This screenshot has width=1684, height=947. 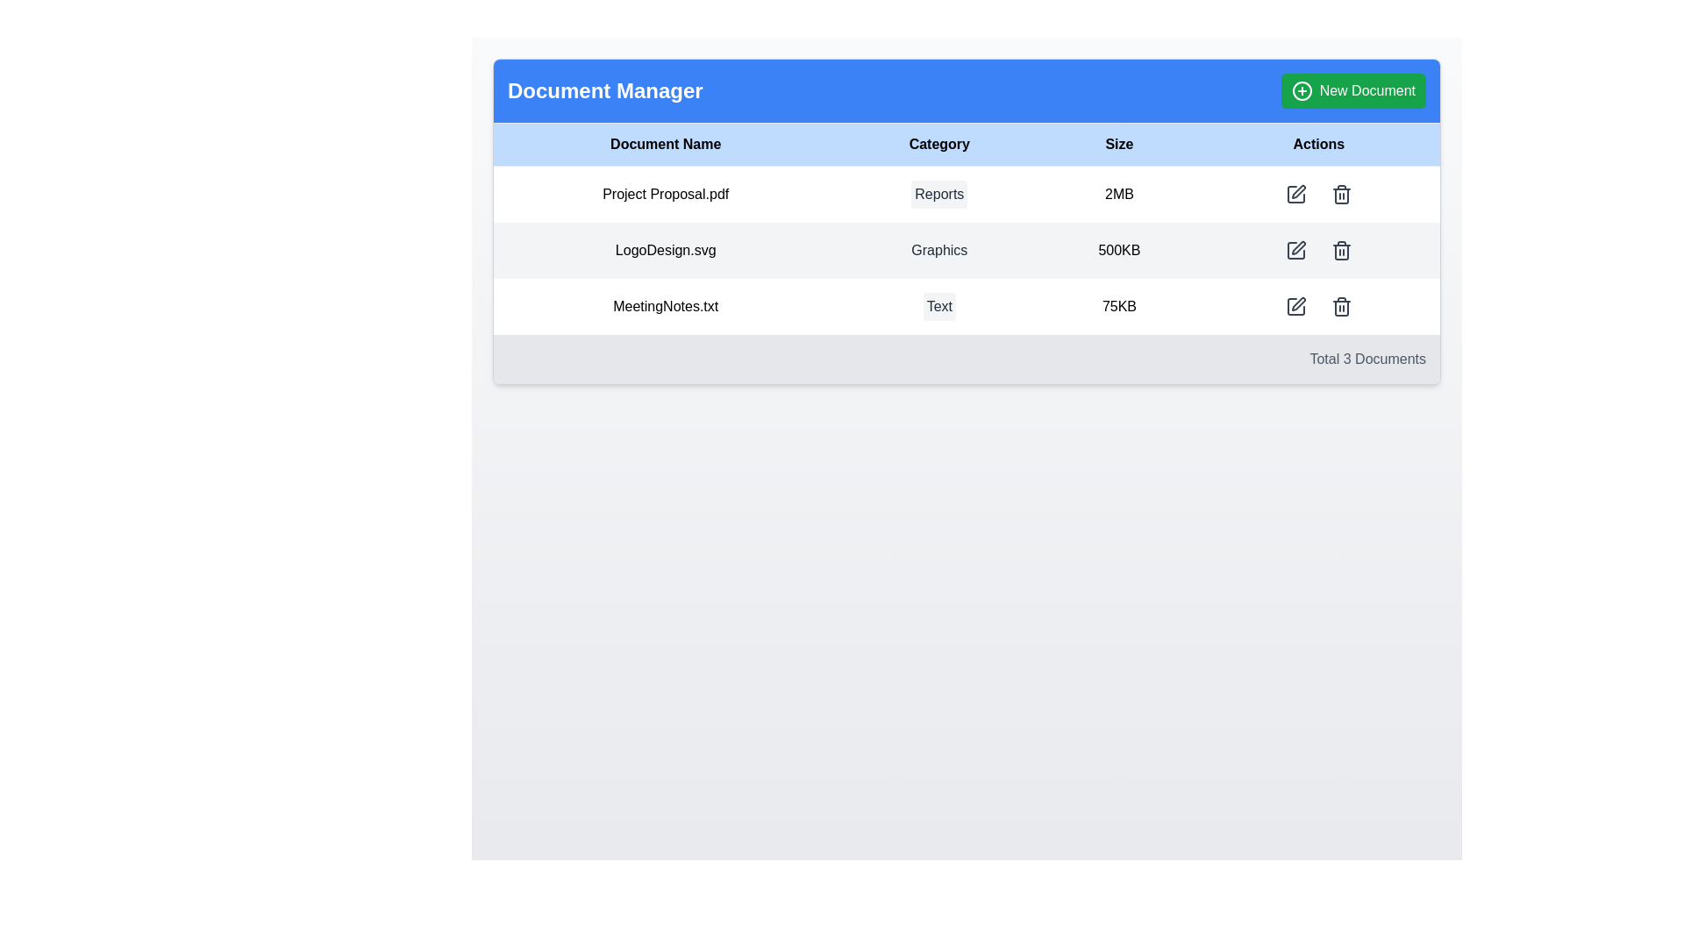 What do you see at coordinates (1318, 250) in the screenshot?
I see `the Control Panel containing the edit and trash icons for the file named 'LogoDesign.svg' in the Actions column of the second row` at bounding box center [1318, 250].